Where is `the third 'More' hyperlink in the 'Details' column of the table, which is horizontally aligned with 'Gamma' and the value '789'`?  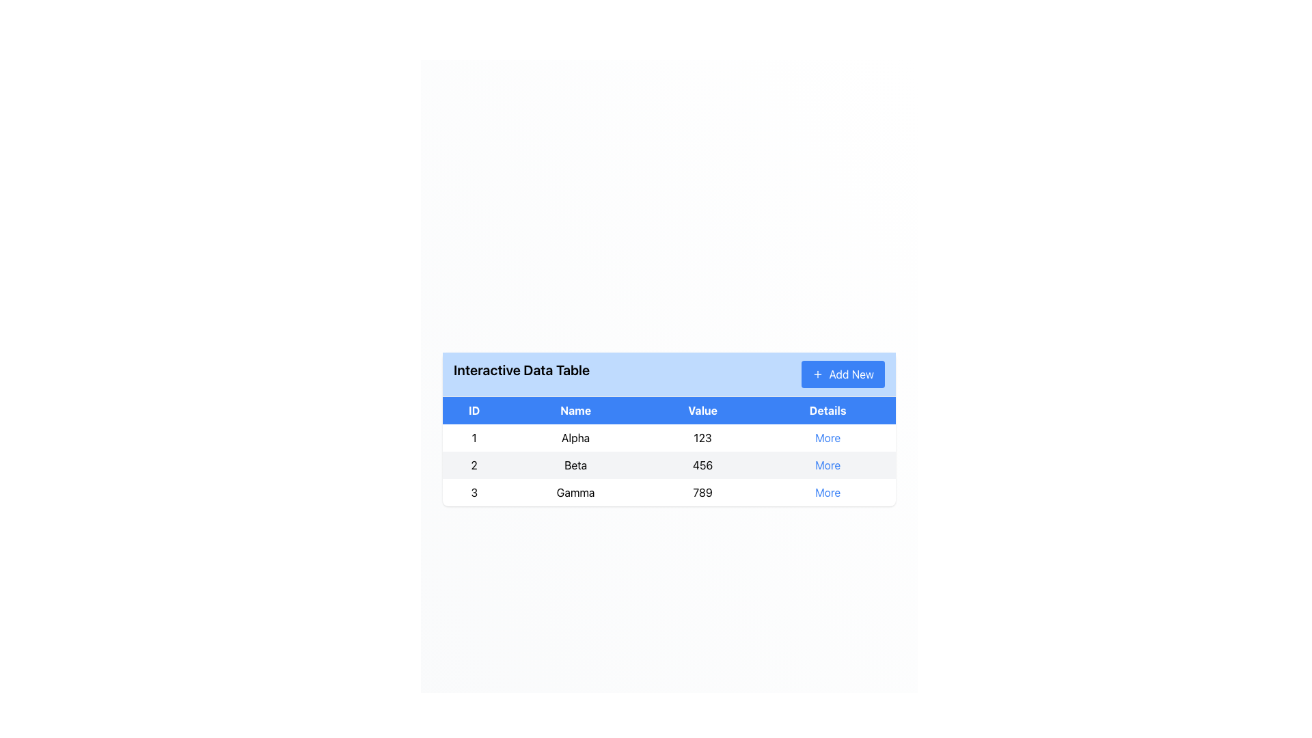 the third 'More' hyperlink in the 'Details' column of the table, which is horizontally aligned with 'Gamma' and the value '789' is located at coordinates (827, 492).